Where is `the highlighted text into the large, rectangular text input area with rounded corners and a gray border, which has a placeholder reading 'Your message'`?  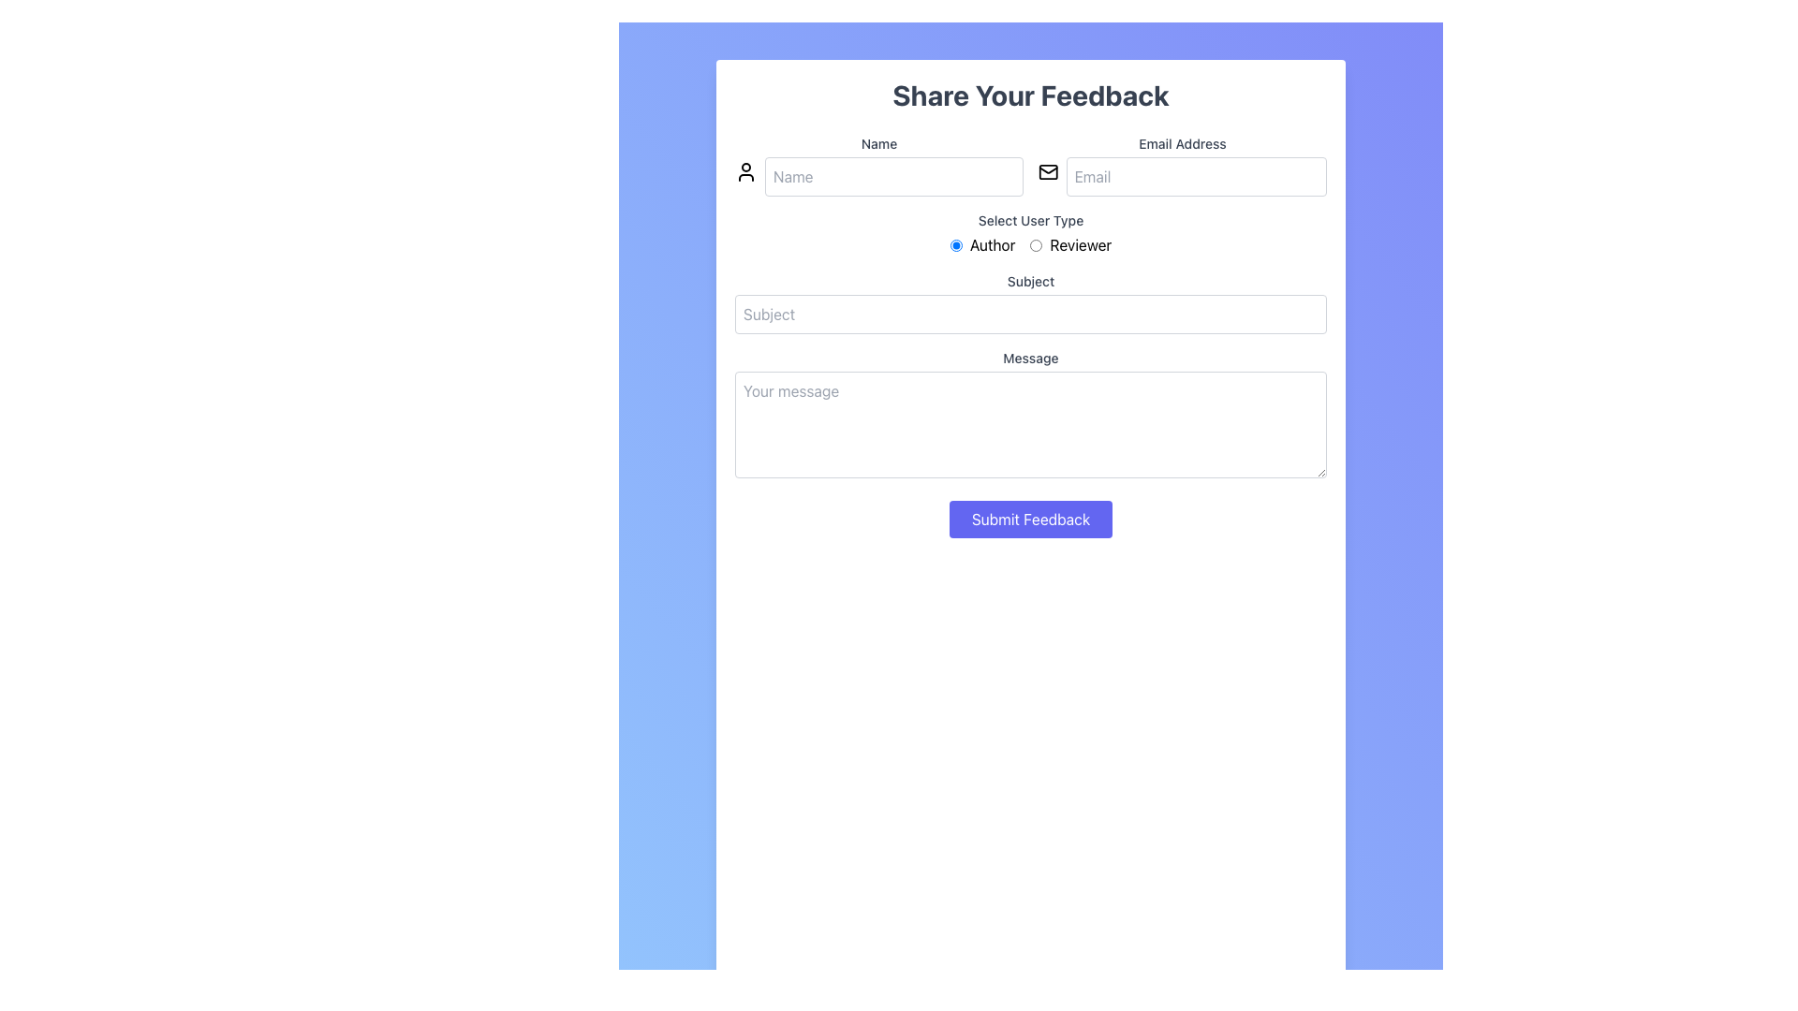
the highlighted text into the large, rectangular text input area with rounded corners and a gray border, which has a placeholder reading 'Your message' is located at coordinates (1029, 424).